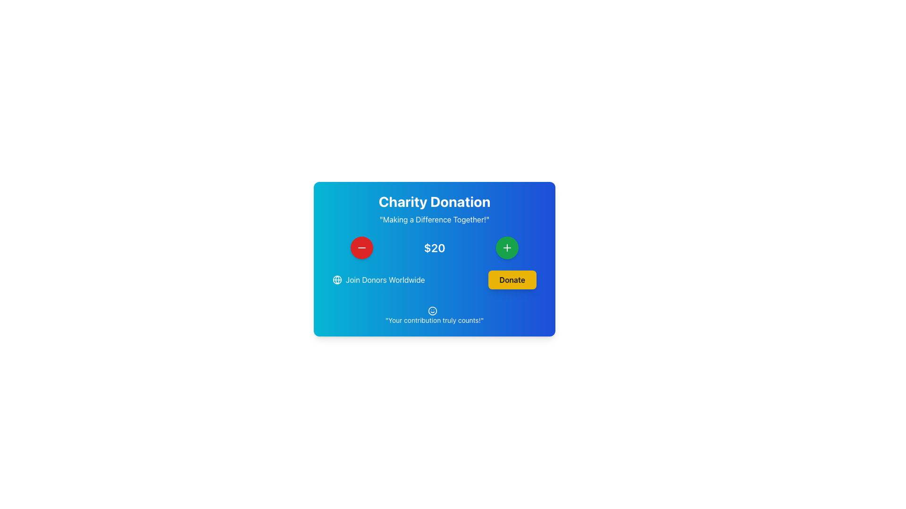 Image resolution: width=906 pixels, height=509 pixels. What do you see at coordinates (337, 279) in the screenshot?
I see `the associated information or content by clicking on the SVG graphic circle icon representing 'worldwide' or 'global' within the charity donation theme` at bounding box center [337, 279].